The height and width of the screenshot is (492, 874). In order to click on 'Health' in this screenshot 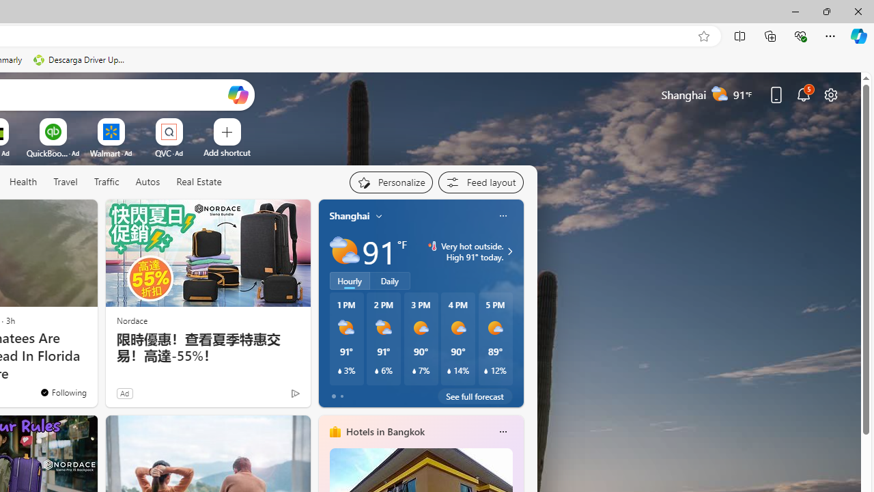, I will do `click(23, 182)`.